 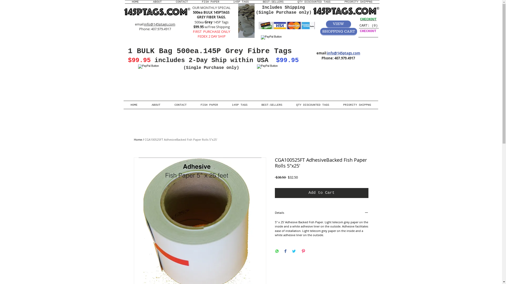 What do you see at coordinates (168, 2) in the screenshot?
I see `'CONTACT'` at bounding box center [168, 2].